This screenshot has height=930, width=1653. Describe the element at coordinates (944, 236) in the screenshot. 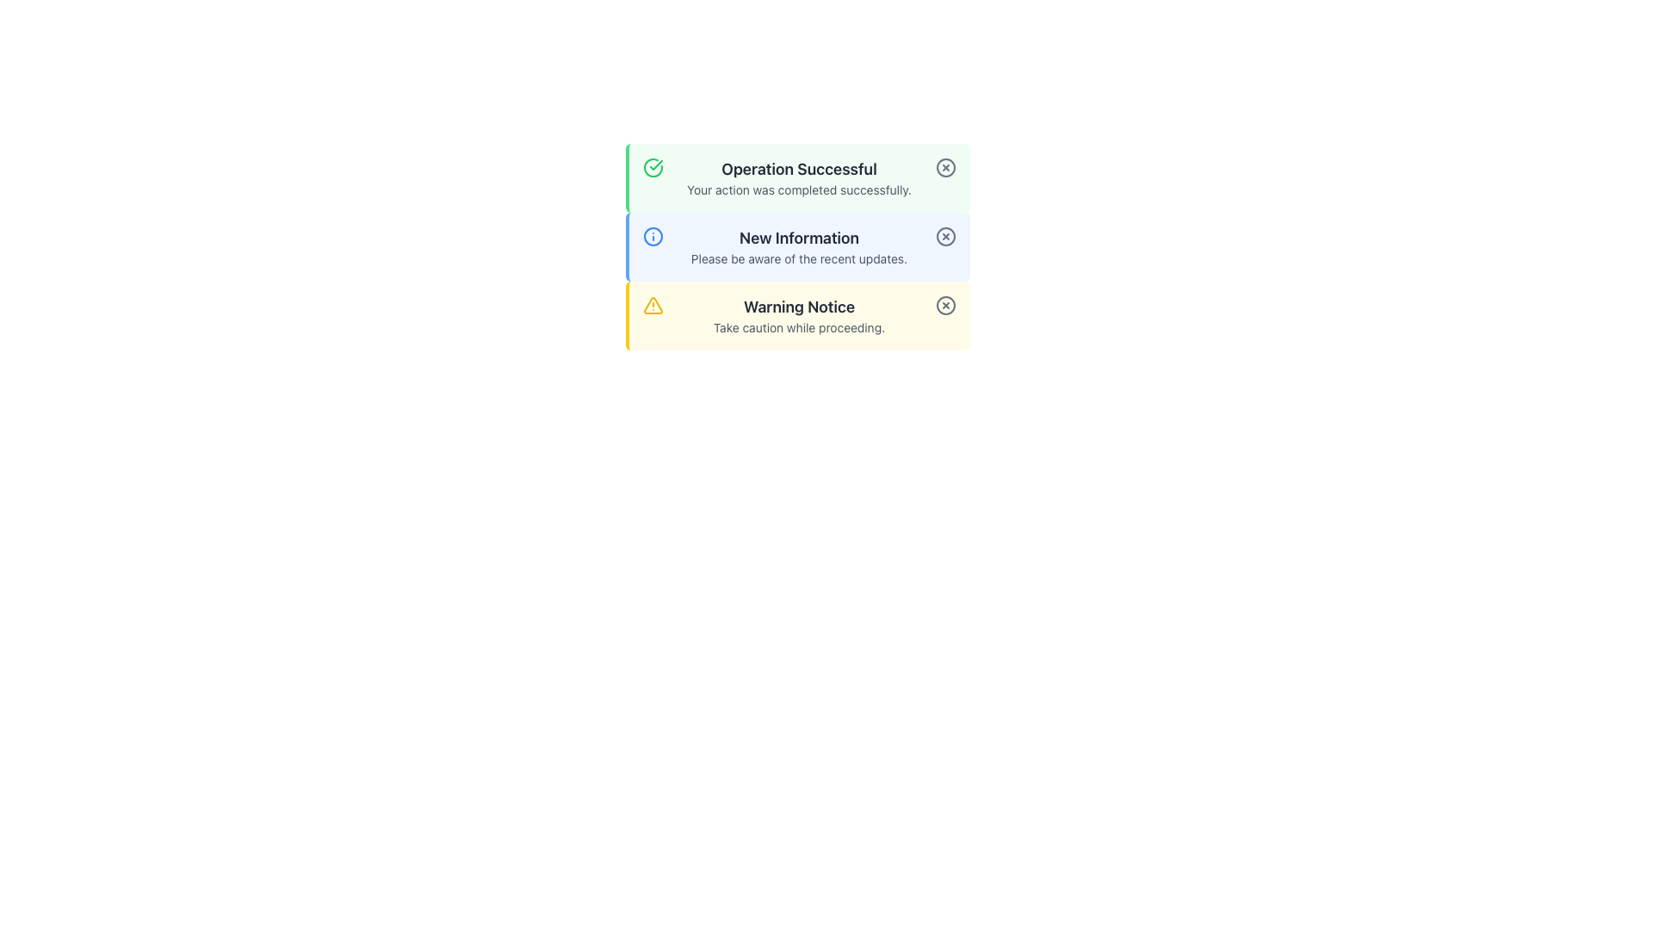

I see `the close button located at the rightmost part of the 'New Information' notification card` at that location.